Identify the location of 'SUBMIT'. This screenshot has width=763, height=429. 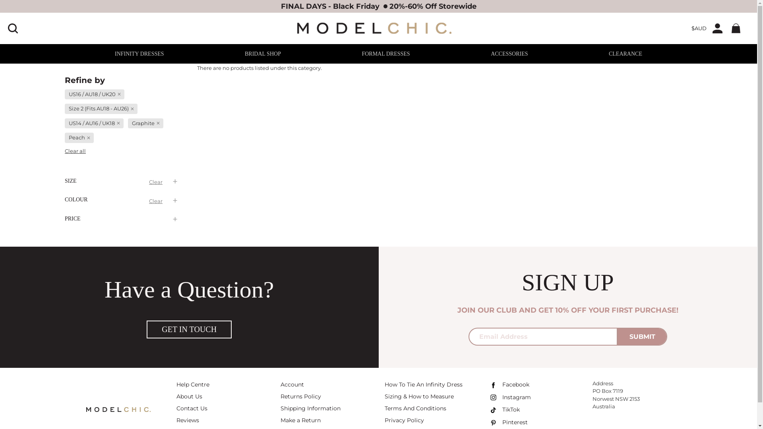
(642, 336).